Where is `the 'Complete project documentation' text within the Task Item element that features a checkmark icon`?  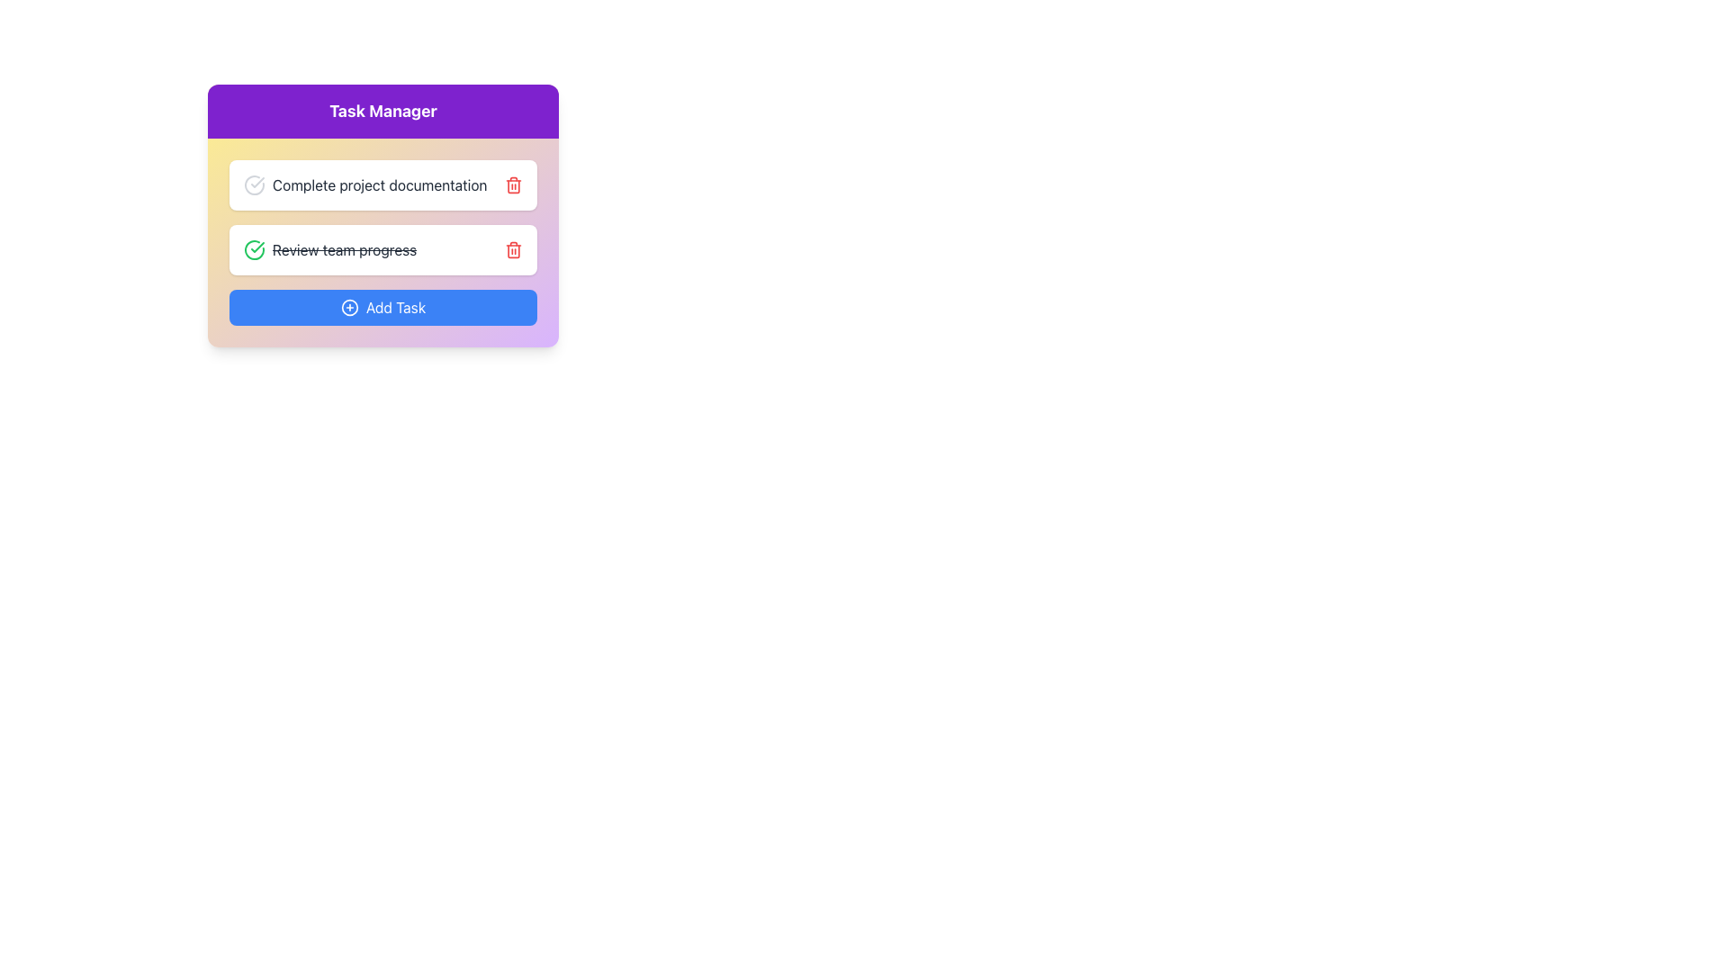 the 'Complete project documentation' text within the Task Item element that features a checkmark icon is located at coordinates (364, 184).